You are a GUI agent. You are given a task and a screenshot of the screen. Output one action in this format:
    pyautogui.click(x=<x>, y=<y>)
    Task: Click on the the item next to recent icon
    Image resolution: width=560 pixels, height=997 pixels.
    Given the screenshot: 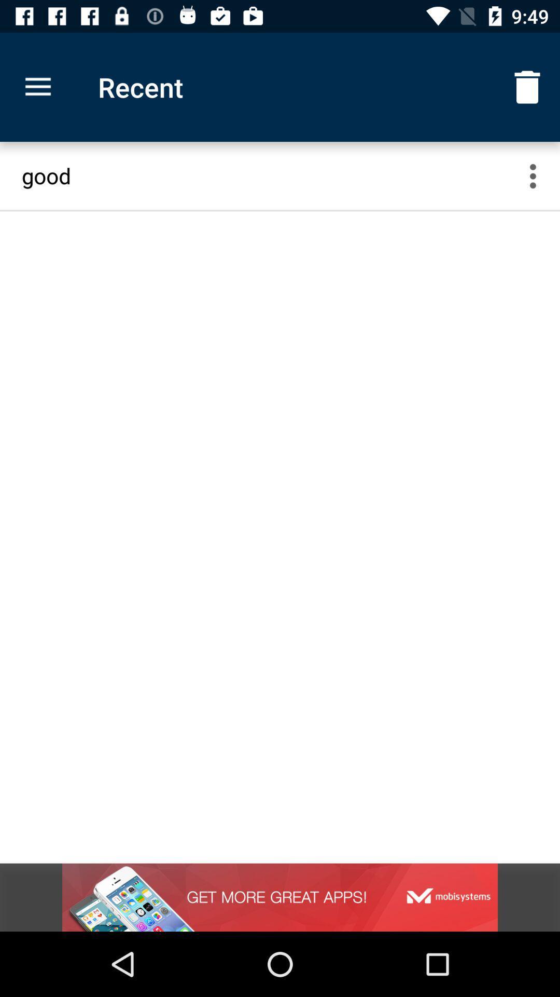 What is the action you would take?
    pyautogui.click(x=527, y=87)
    